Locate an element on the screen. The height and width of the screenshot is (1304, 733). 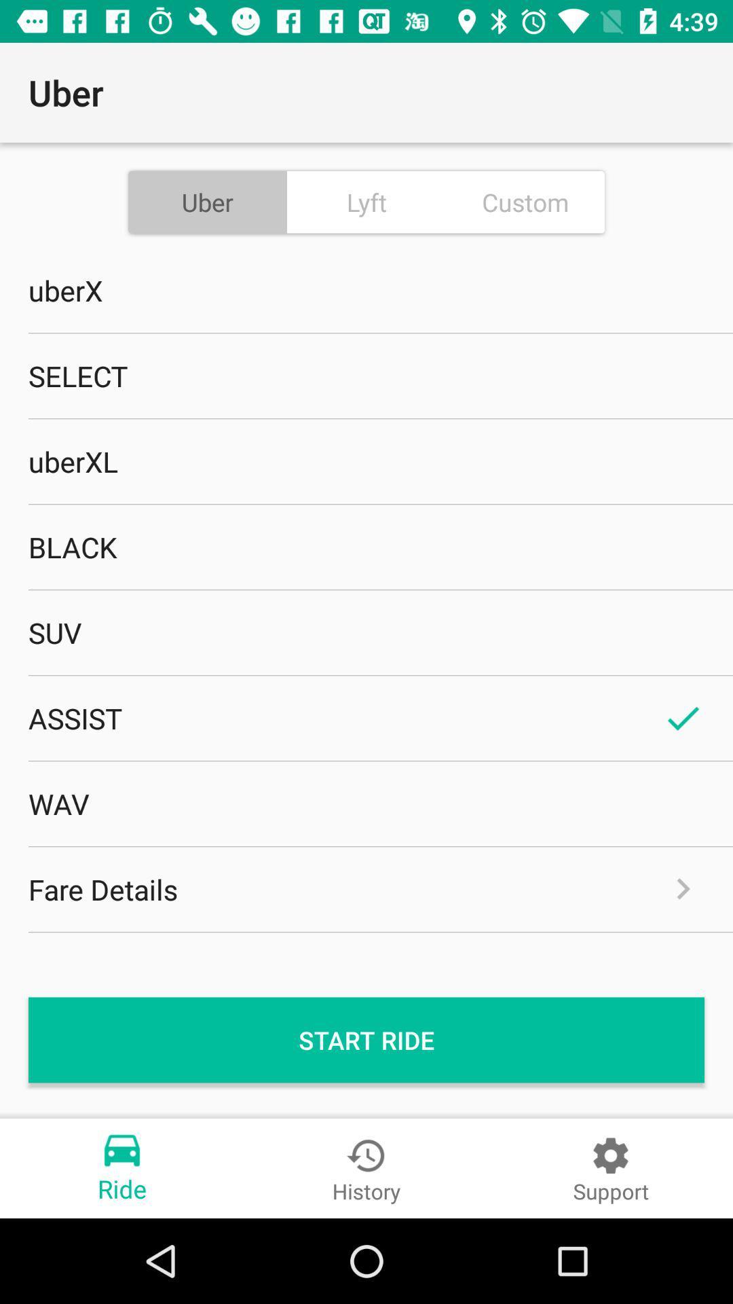
the icon above the assist icon is located at coordinates (366, 632).